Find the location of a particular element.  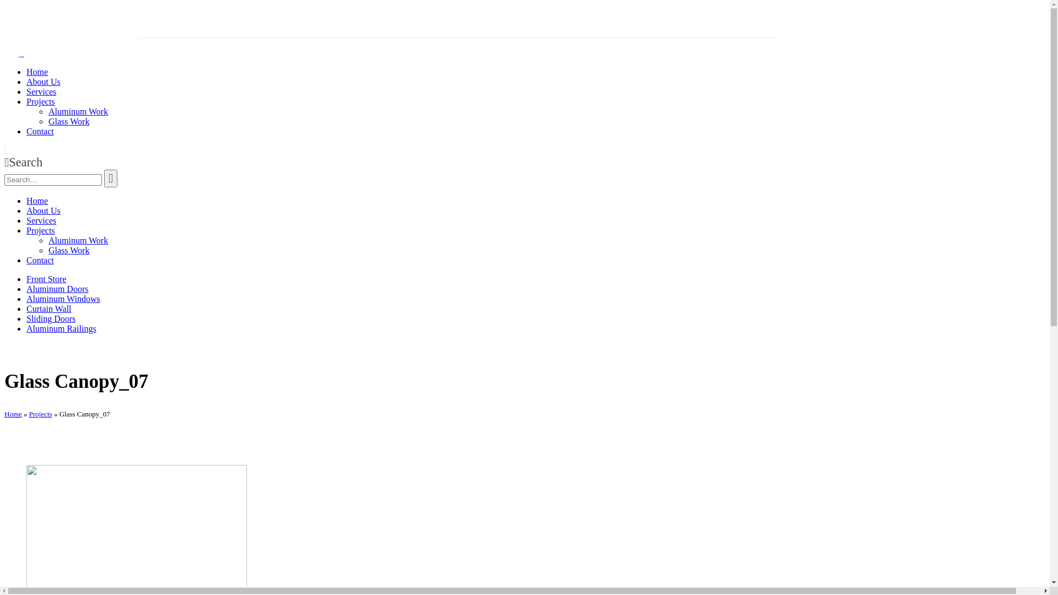

'Front Store' is located at coordinates (45, 278).